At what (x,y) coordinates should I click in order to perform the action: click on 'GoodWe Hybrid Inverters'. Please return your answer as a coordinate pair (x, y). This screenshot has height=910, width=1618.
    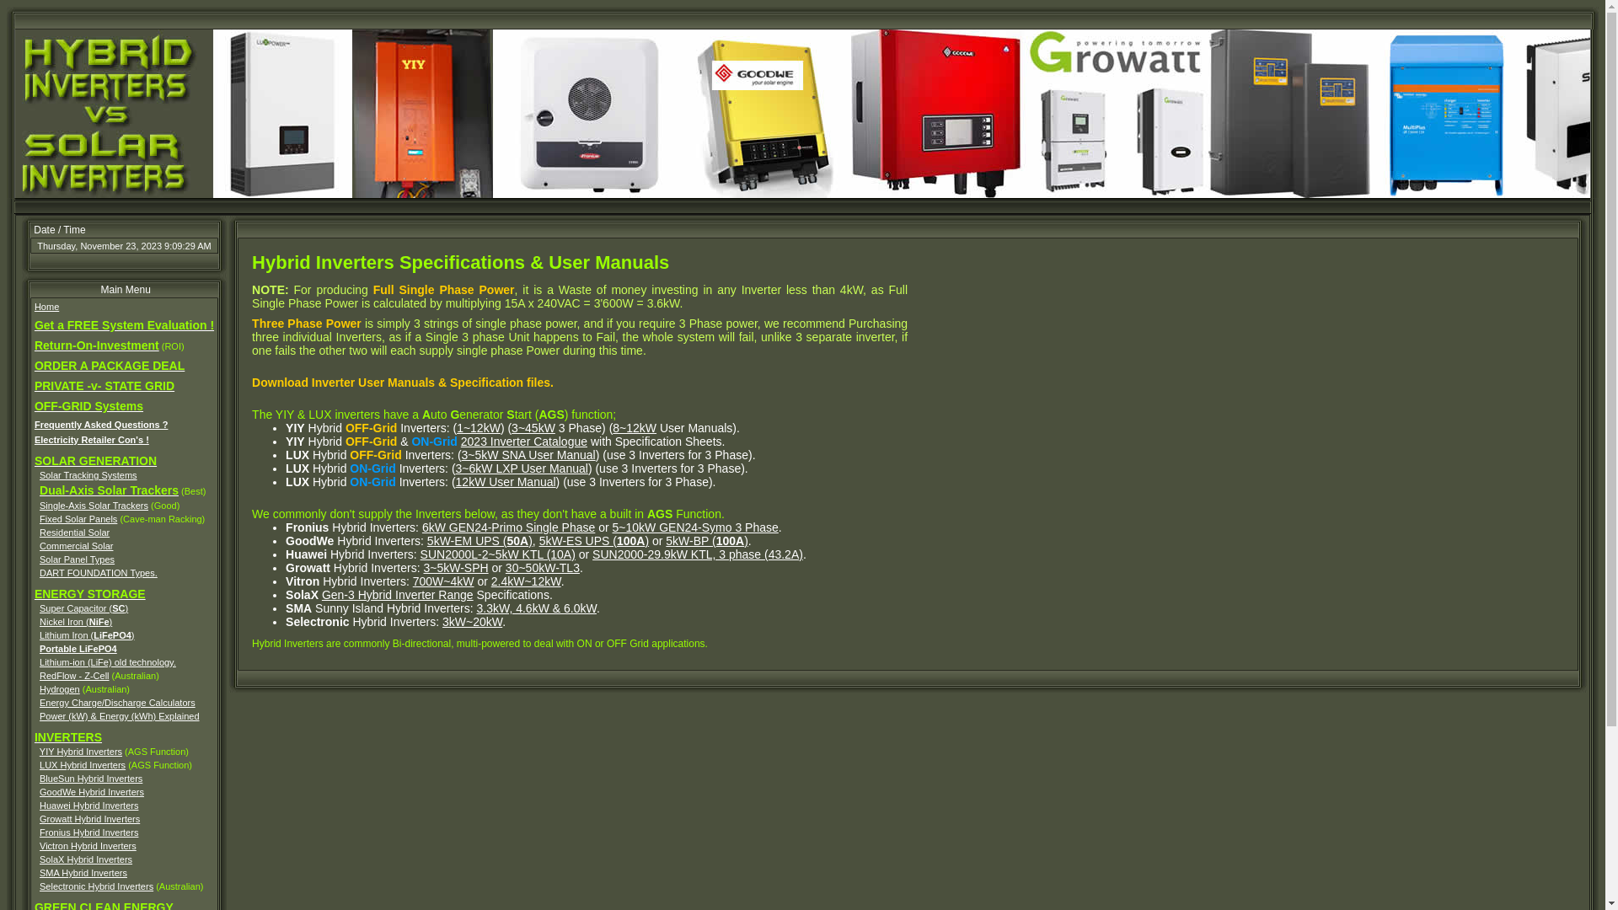
    Looking at the image, I should click on (91, 792).